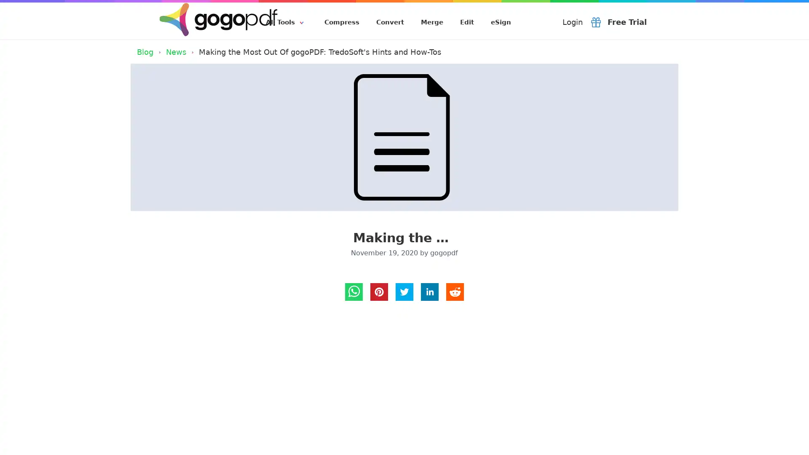  I want to click on Twitter, so click(404, 292).